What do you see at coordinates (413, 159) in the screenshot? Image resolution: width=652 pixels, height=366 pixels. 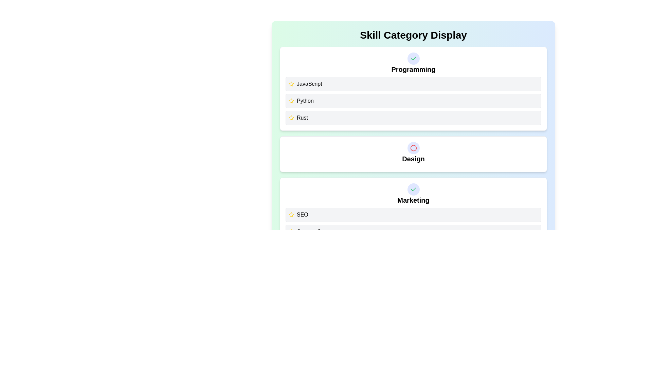 I see `the text of the category Design` at bounding box center [413, 159].